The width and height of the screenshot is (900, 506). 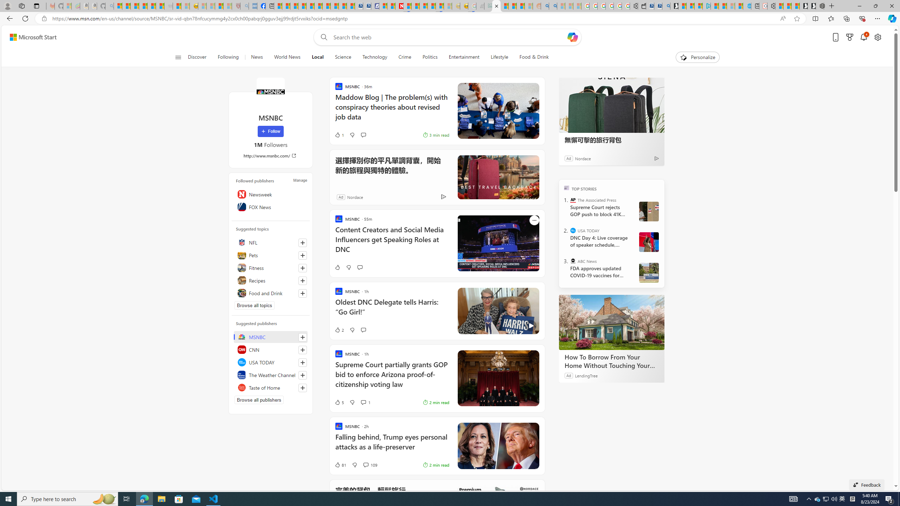 I want to click on 'The Associated Press', so click(x=573, y=200).